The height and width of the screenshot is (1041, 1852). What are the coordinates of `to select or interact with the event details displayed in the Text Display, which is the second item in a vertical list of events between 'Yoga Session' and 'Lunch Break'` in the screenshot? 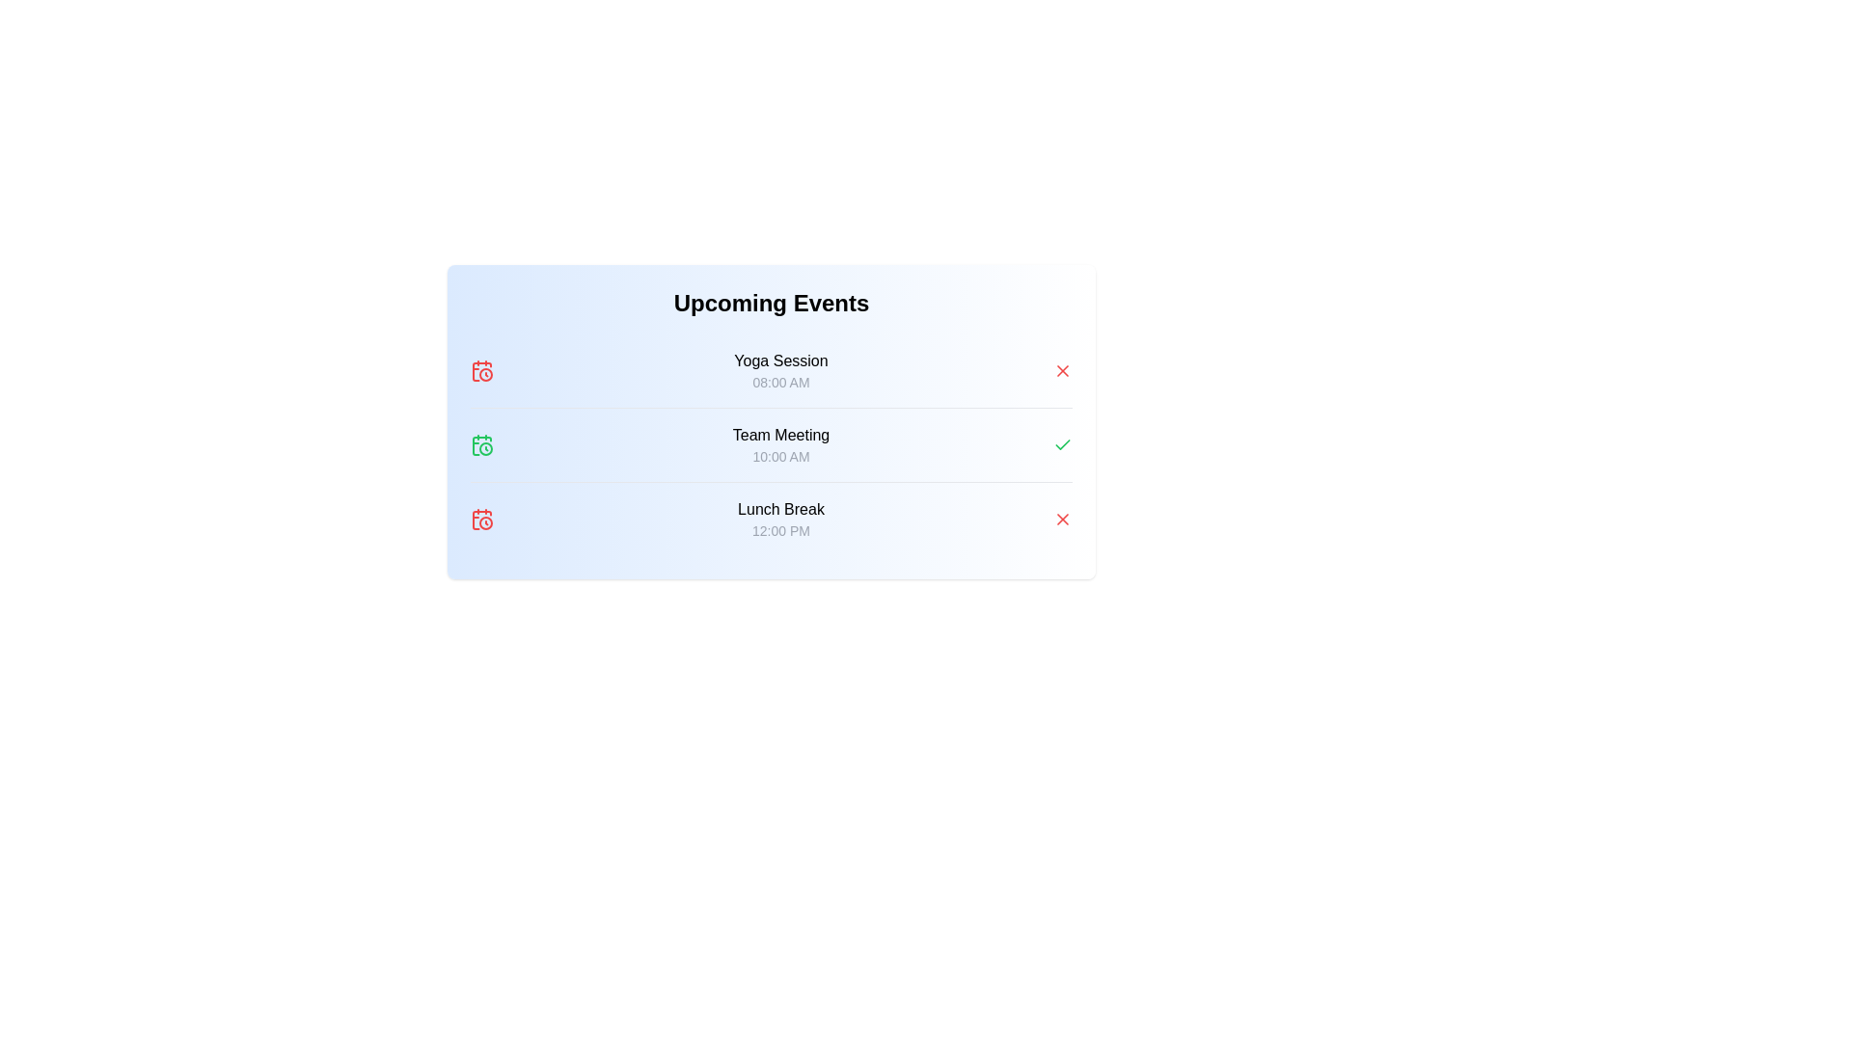 It's located at (781, 445).